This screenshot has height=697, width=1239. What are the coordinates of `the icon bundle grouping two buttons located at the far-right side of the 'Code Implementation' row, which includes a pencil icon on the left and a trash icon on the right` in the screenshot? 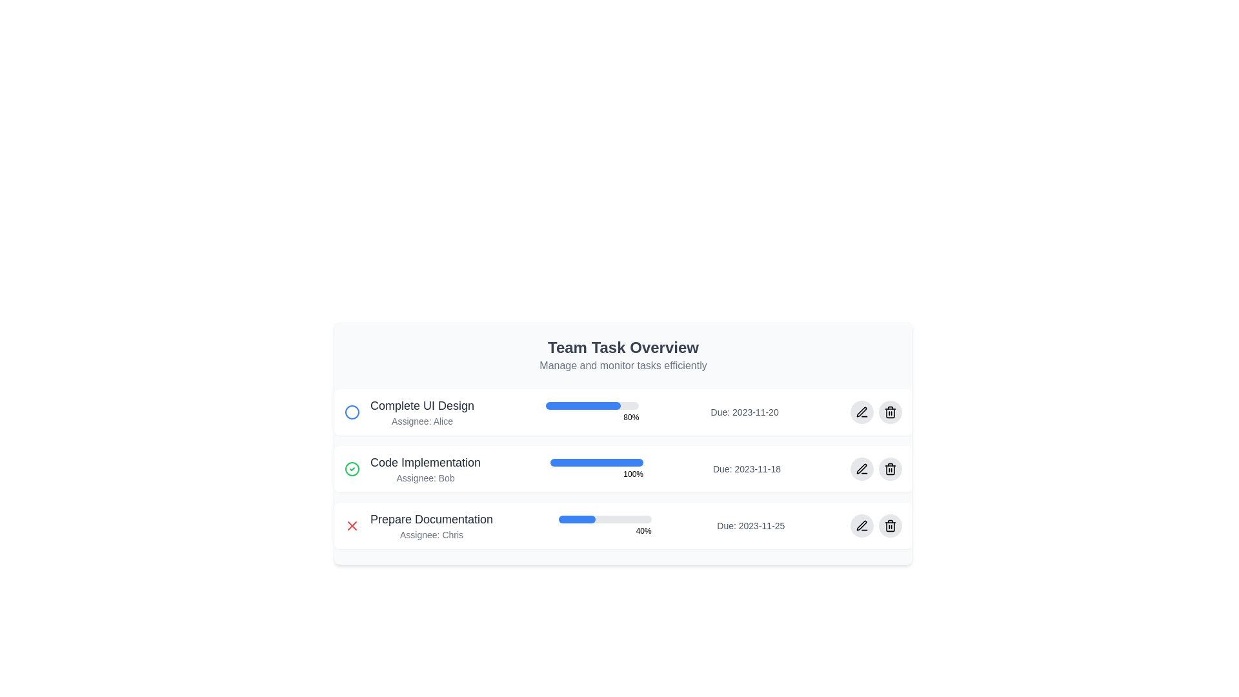 It's located at (876, 469).